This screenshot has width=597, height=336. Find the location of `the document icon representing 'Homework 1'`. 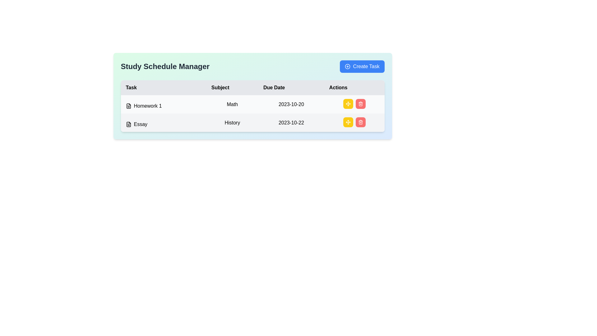

the document icon representing 'Homework 1' is located at coordinates (128, 105).